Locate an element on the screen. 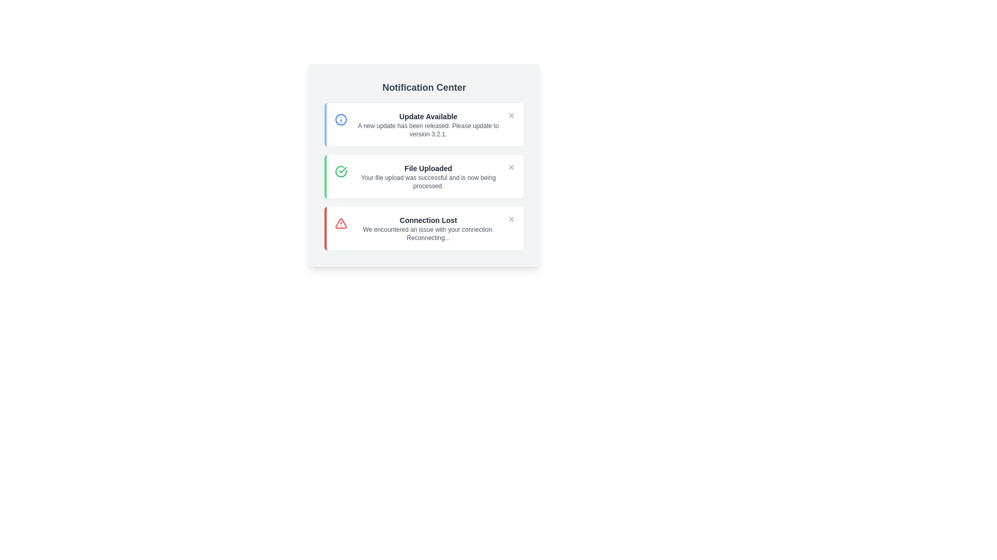  the successful file upload notification icon located in the notification box labeled 'File Uploaded', positioned on the left-hand side adjacent to the text is located at coordinates (341, 171).